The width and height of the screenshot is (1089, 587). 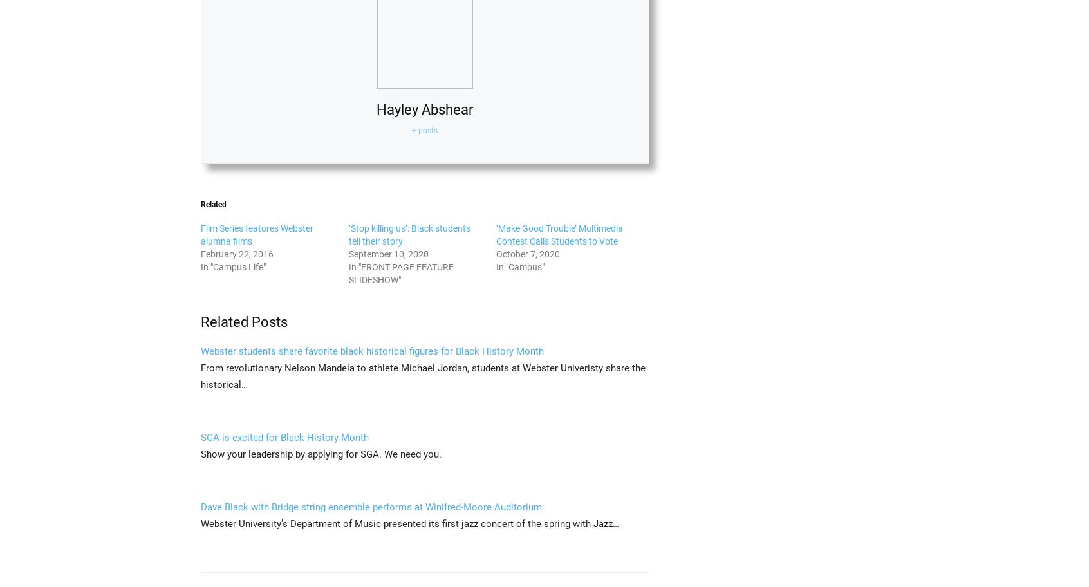 What do you see at coordinates (200, 351) in the screenshot?
I see `'Webster students share favorite black historical figures for Black History Month'` at bounding box center [200, 351].